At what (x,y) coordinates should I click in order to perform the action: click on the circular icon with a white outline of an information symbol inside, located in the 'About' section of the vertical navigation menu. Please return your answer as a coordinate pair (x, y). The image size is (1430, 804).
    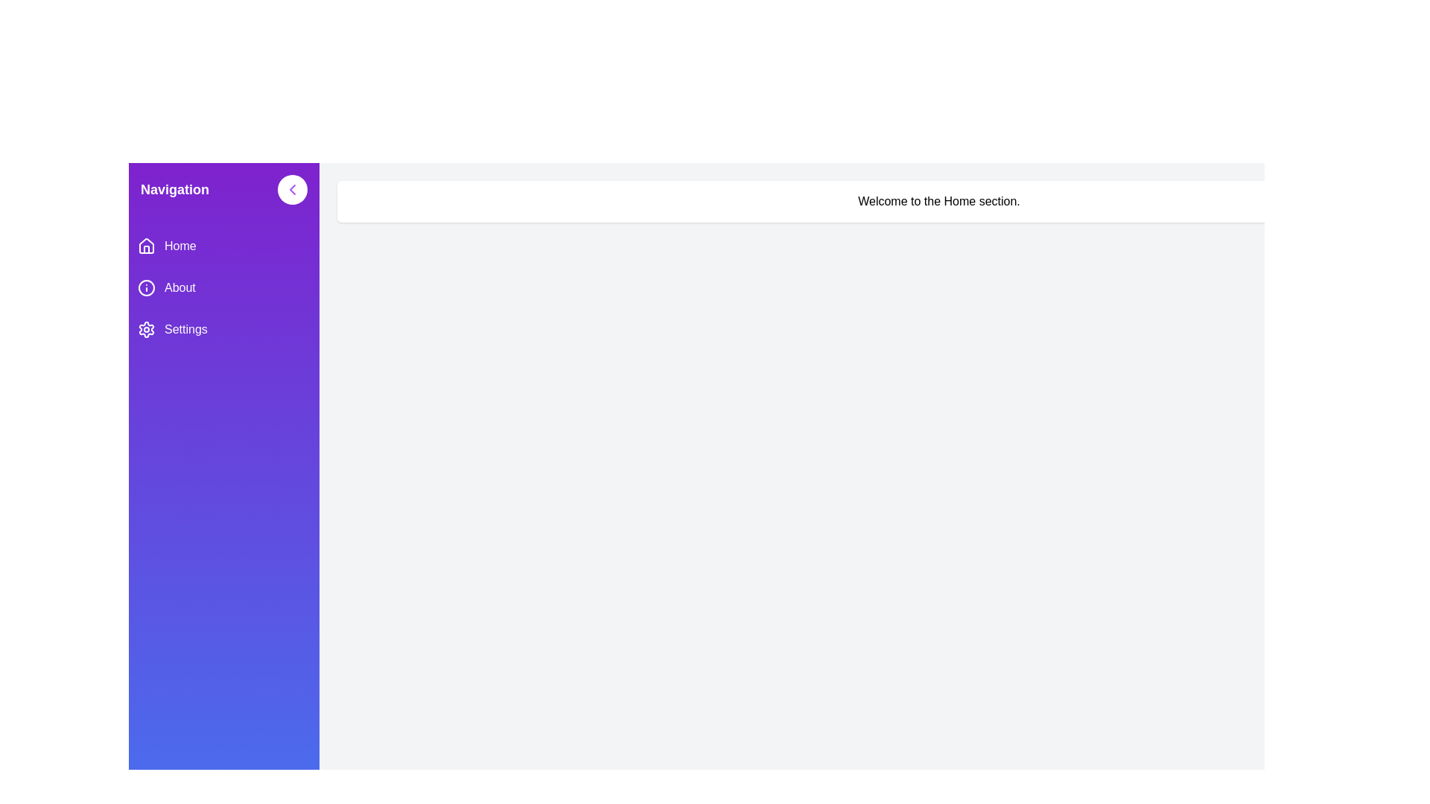
    Looking at the image, I should click on (146, 287).